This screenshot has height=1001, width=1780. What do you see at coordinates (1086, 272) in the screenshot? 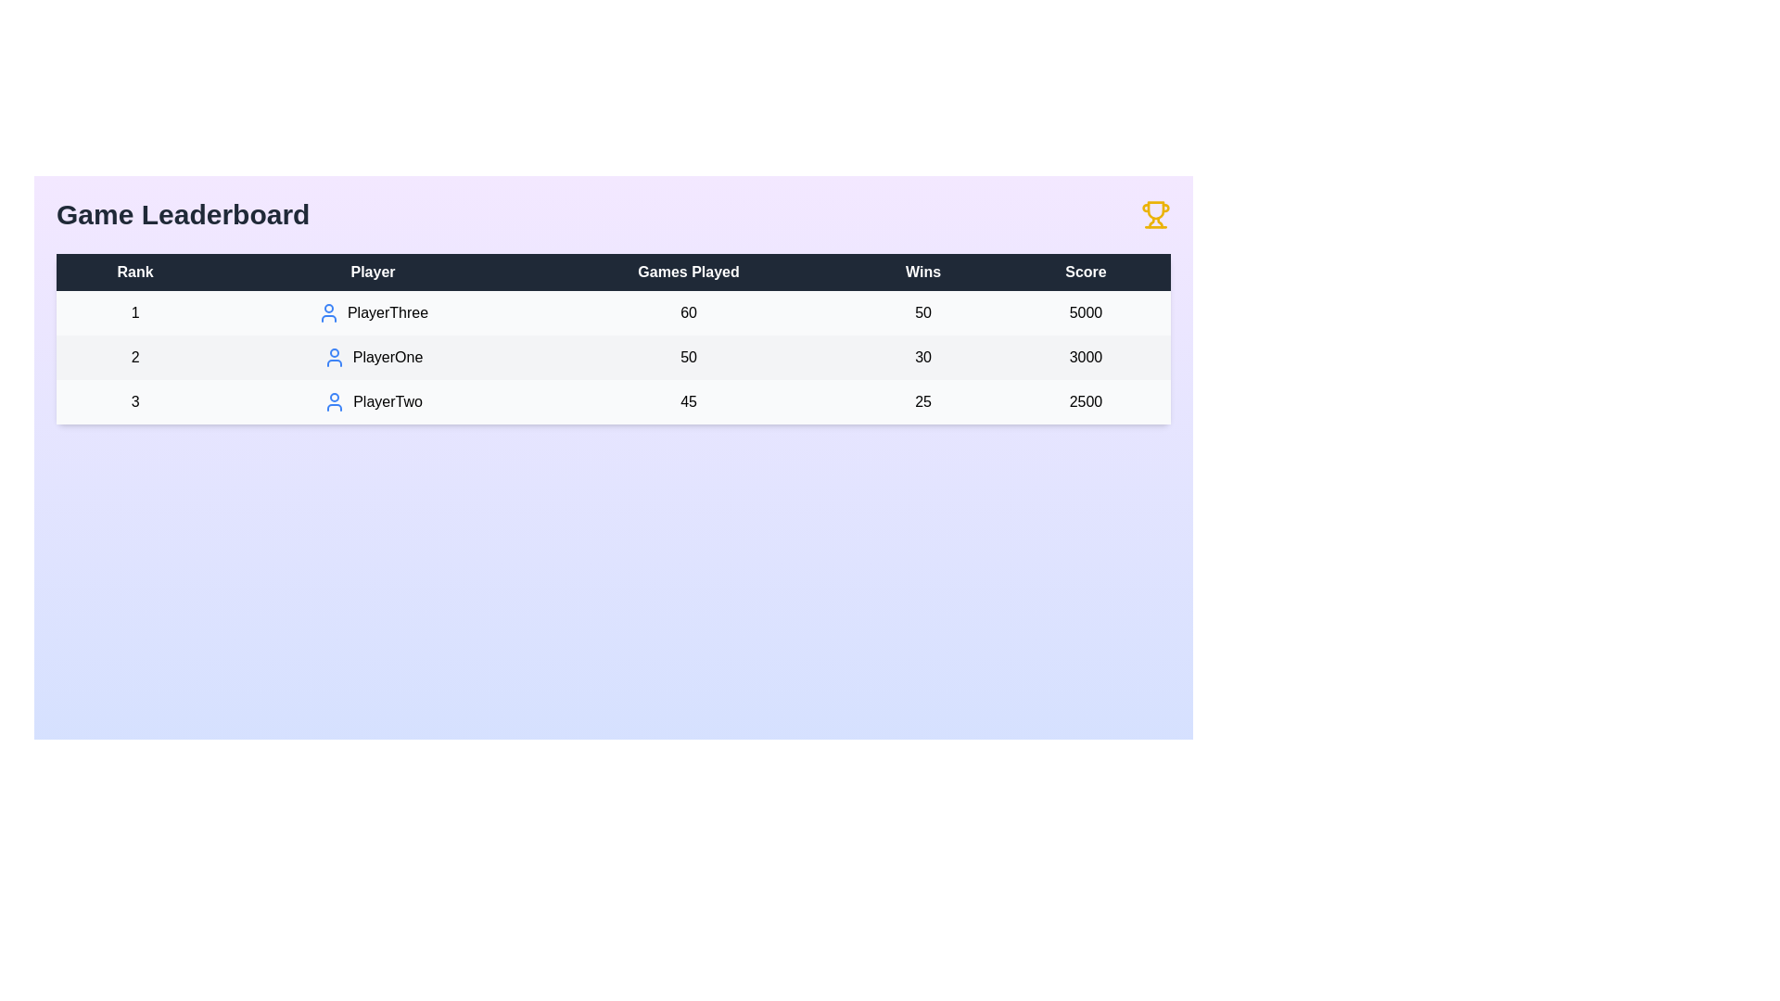
I see `the 'Score' column header label located at the far right of the header row in the table, which provides context for the scores below` at bounding box center [1086, 272].